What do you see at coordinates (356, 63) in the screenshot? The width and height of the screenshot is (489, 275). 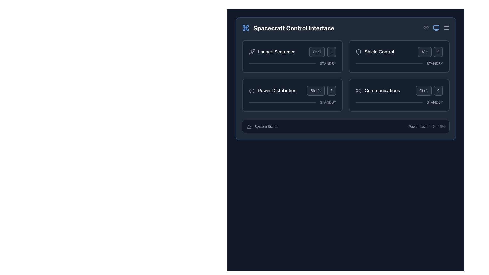 I see `the shield control` at bounding box center [356, 63].